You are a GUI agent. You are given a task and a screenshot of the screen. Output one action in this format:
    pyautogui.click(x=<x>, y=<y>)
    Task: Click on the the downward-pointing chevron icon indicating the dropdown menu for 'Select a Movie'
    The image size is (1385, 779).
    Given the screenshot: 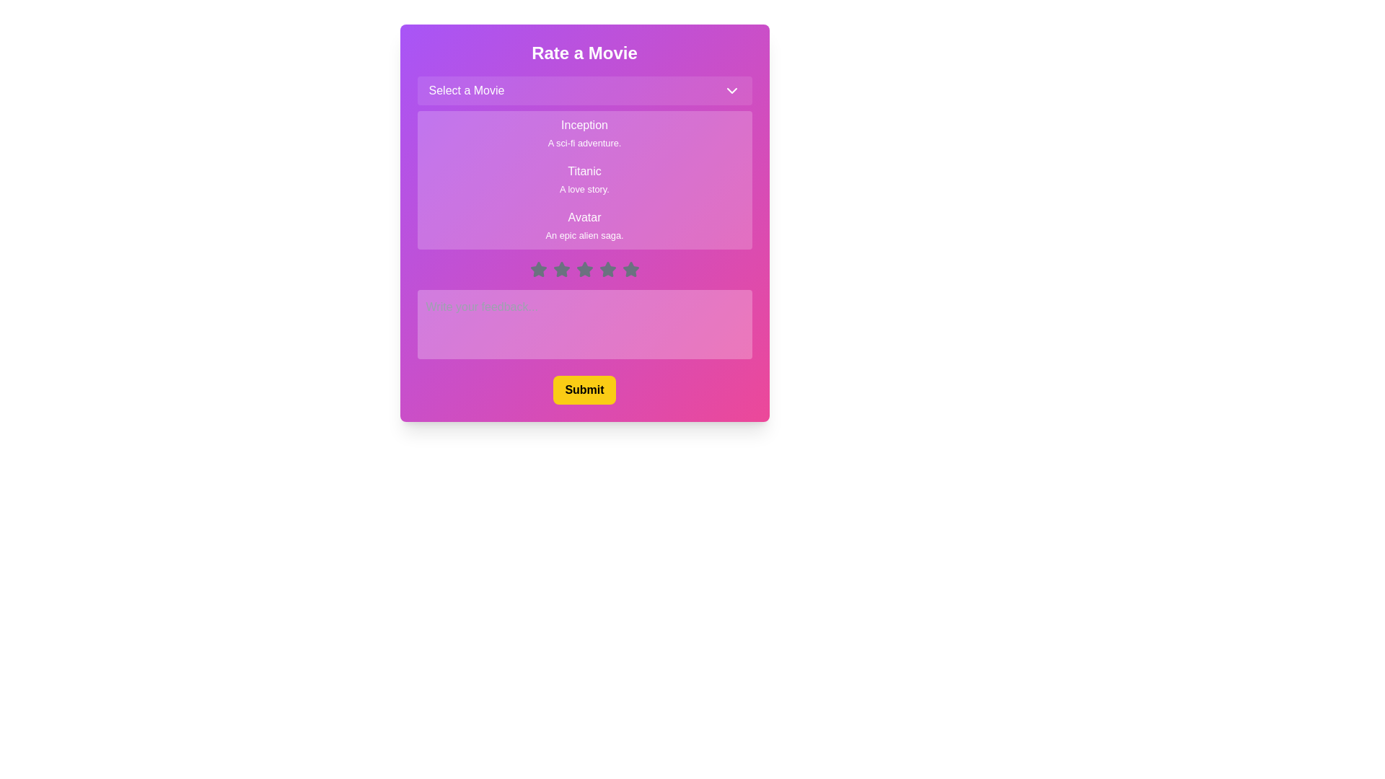 What is the action you would take?
    pyautogui.click(x=731, y=91)
    